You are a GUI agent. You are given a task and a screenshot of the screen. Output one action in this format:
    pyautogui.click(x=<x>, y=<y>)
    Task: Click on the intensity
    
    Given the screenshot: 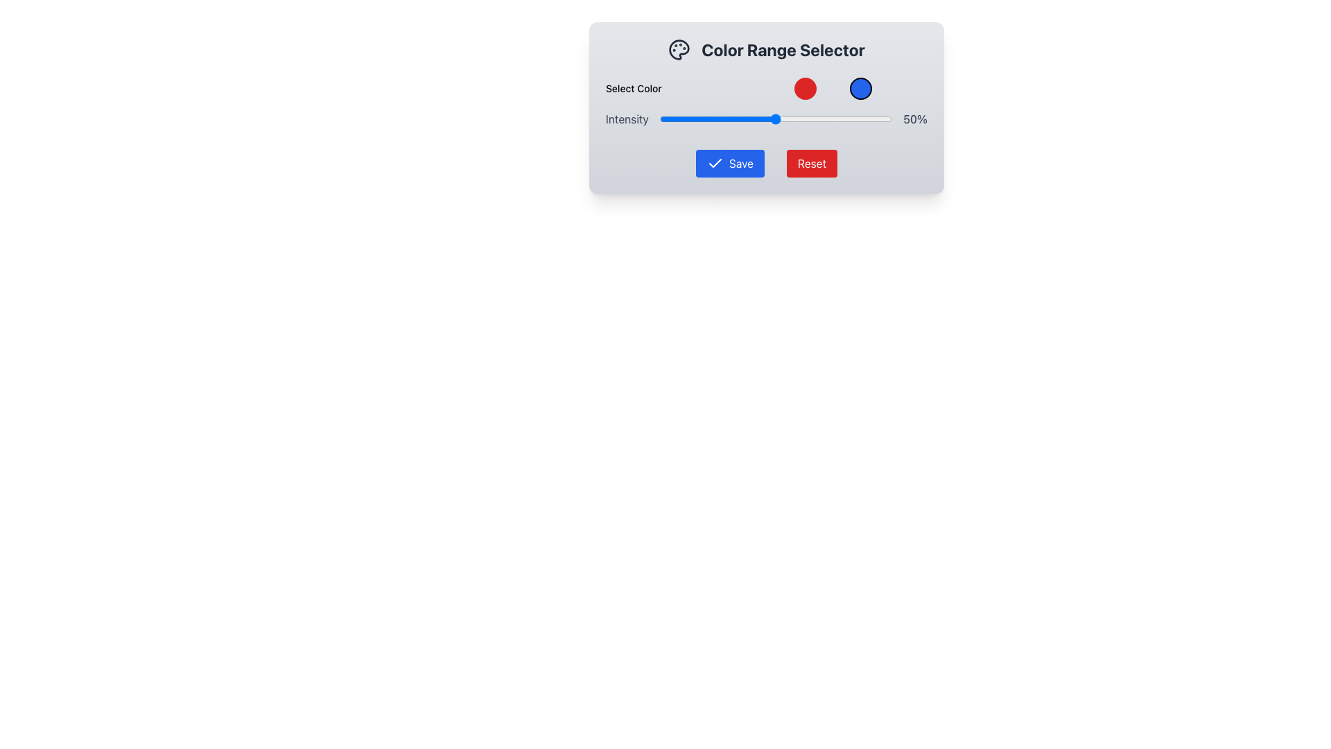 What is the action you would take?
    pyautogui.click(x=708, y=119)
    